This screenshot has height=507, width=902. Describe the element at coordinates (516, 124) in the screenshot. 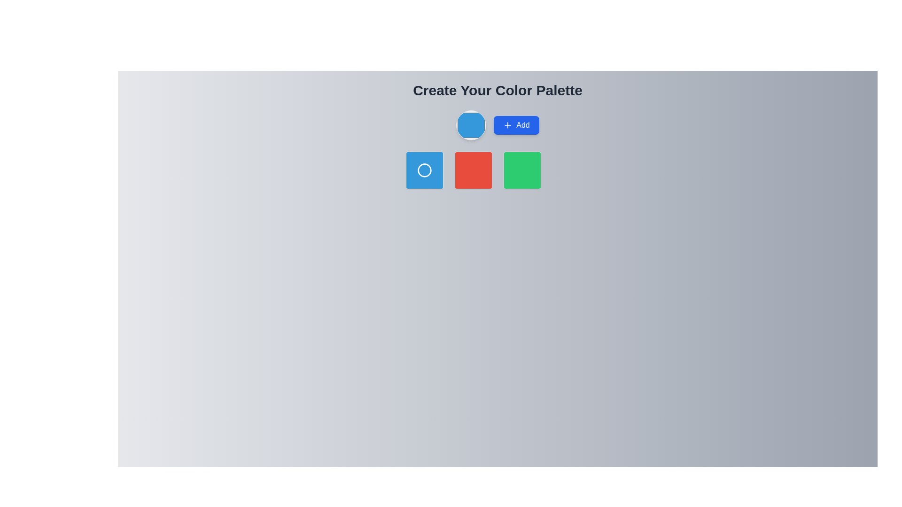

I see `the blue button labeled 'Add' with a white plus icon to potentially display a tooltip` at that location.